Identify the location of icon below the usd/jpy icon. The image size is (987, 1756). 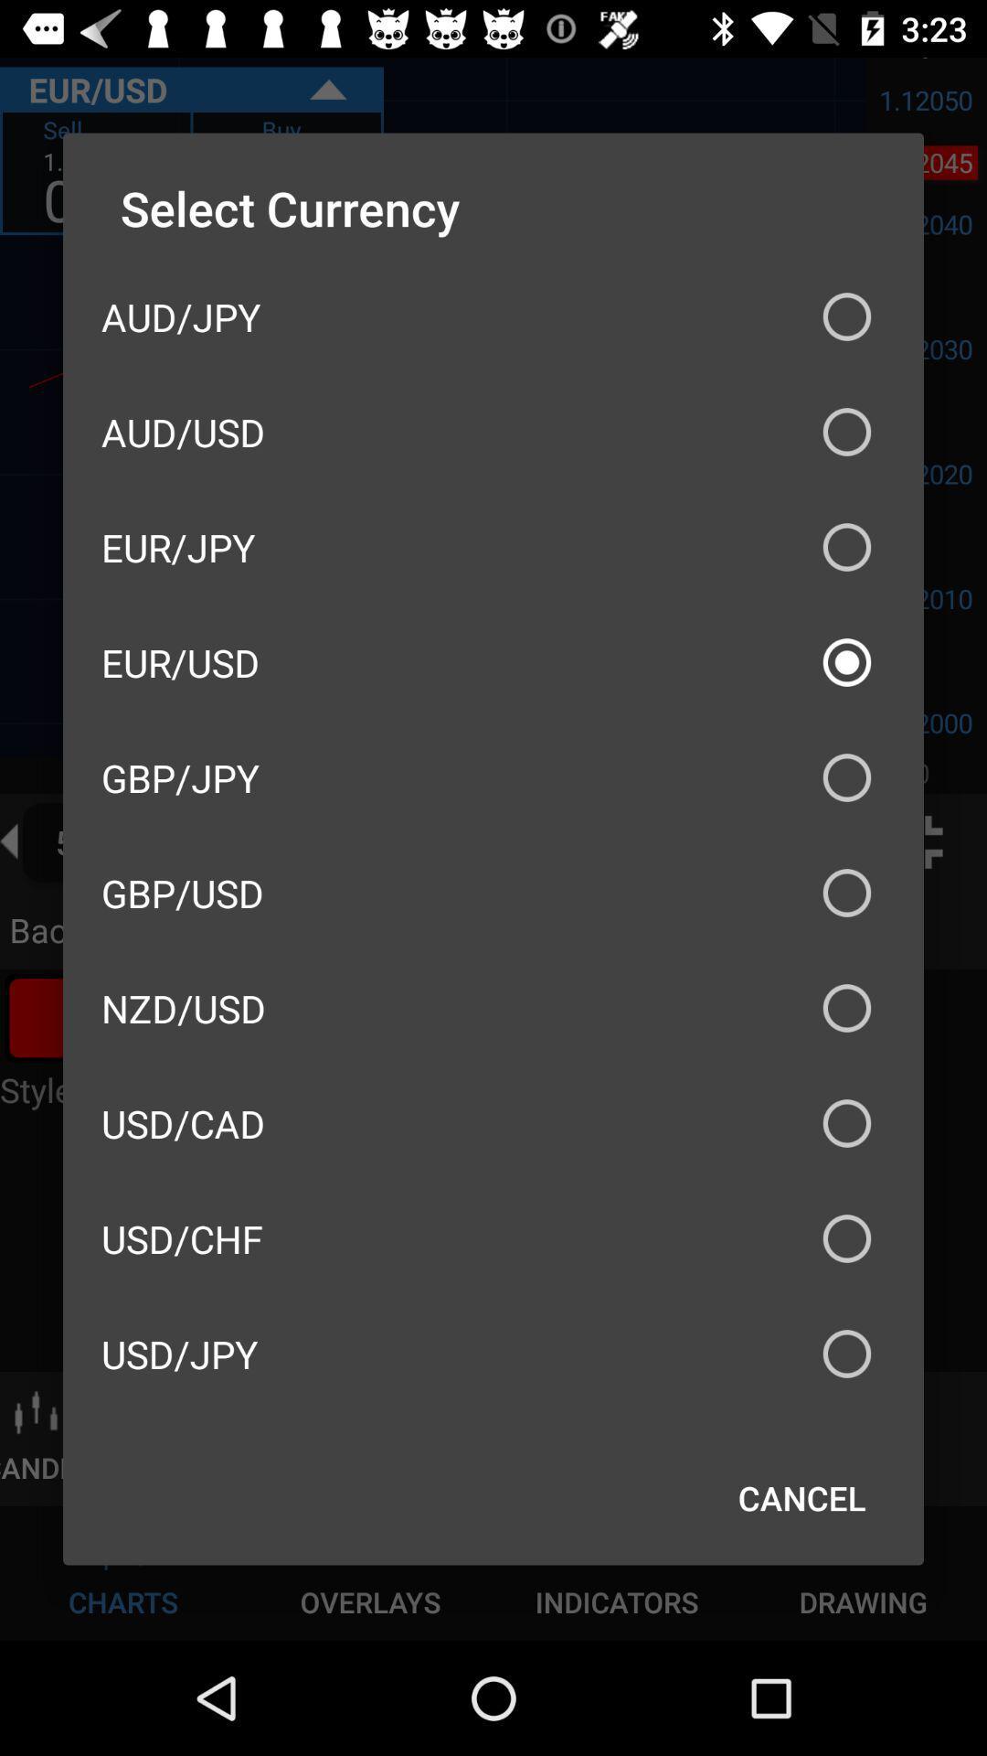
(801, 1497).